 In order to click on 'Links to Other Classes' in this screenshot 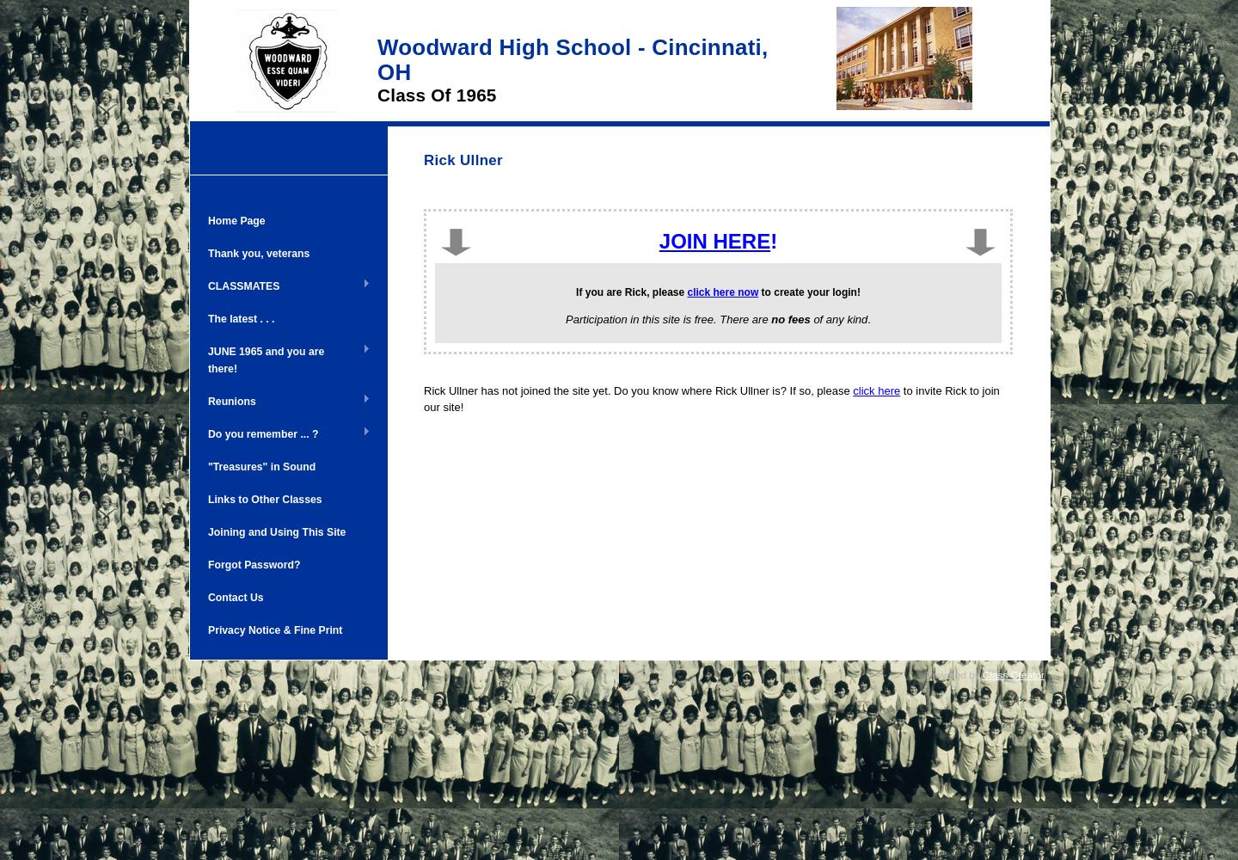, I will do `click(265, 498)`.